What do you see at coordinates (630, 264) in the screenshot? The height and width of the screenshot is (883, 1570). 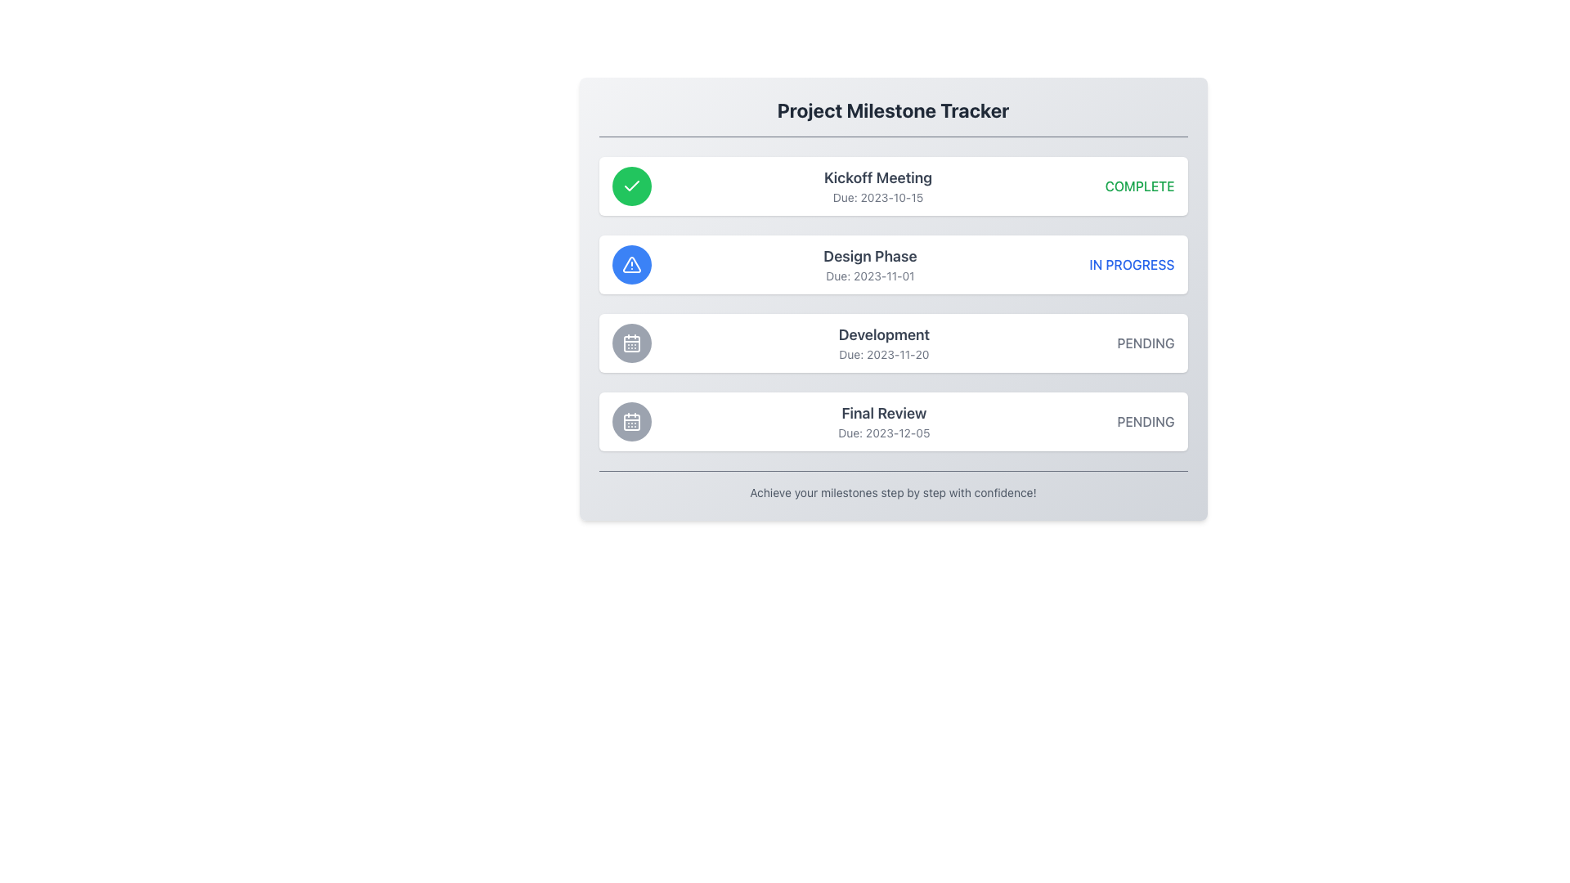 I see `the triangular alert icon located at the far left of the 'Design Phase' section in the milestone tracker interface` at bounding box center [630, 264].